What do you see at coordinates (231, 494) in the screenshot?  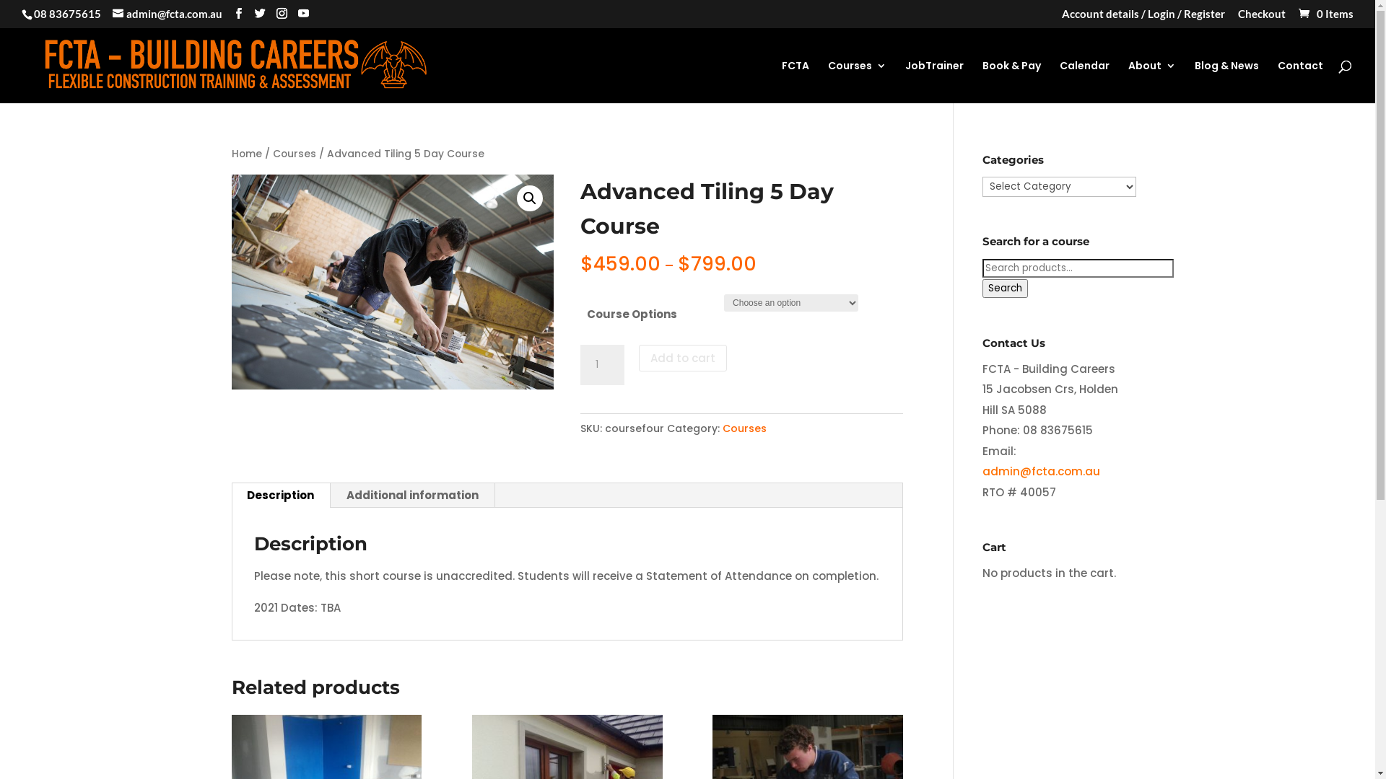 I see `'Description'` at bounding box center [231, 494].